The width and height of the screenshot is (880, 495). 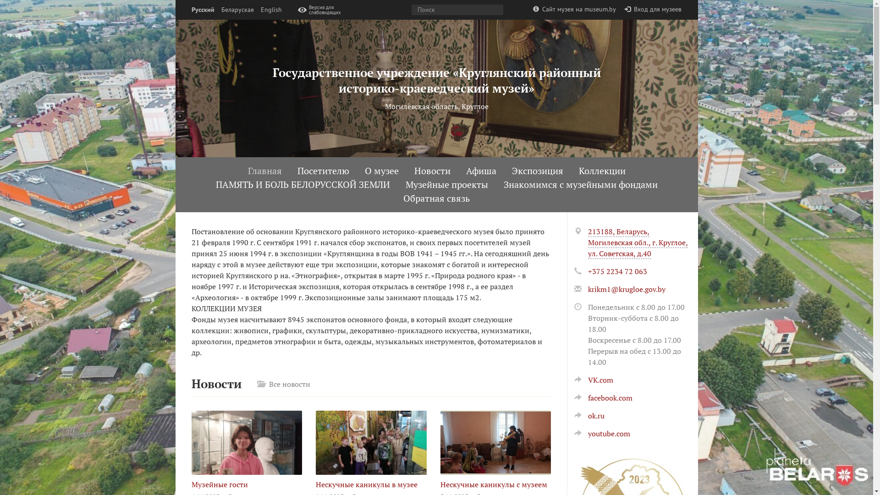 I want to click on 'ok.ru', so click(x=589, y=415).